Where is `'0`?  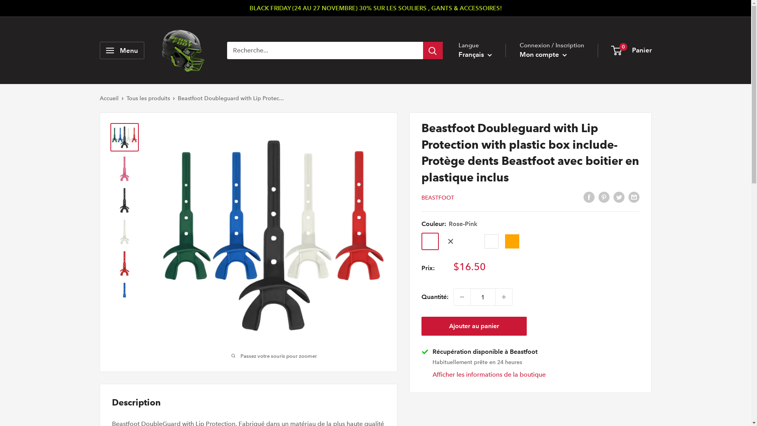 '0 is located at coordinates (632, 50).